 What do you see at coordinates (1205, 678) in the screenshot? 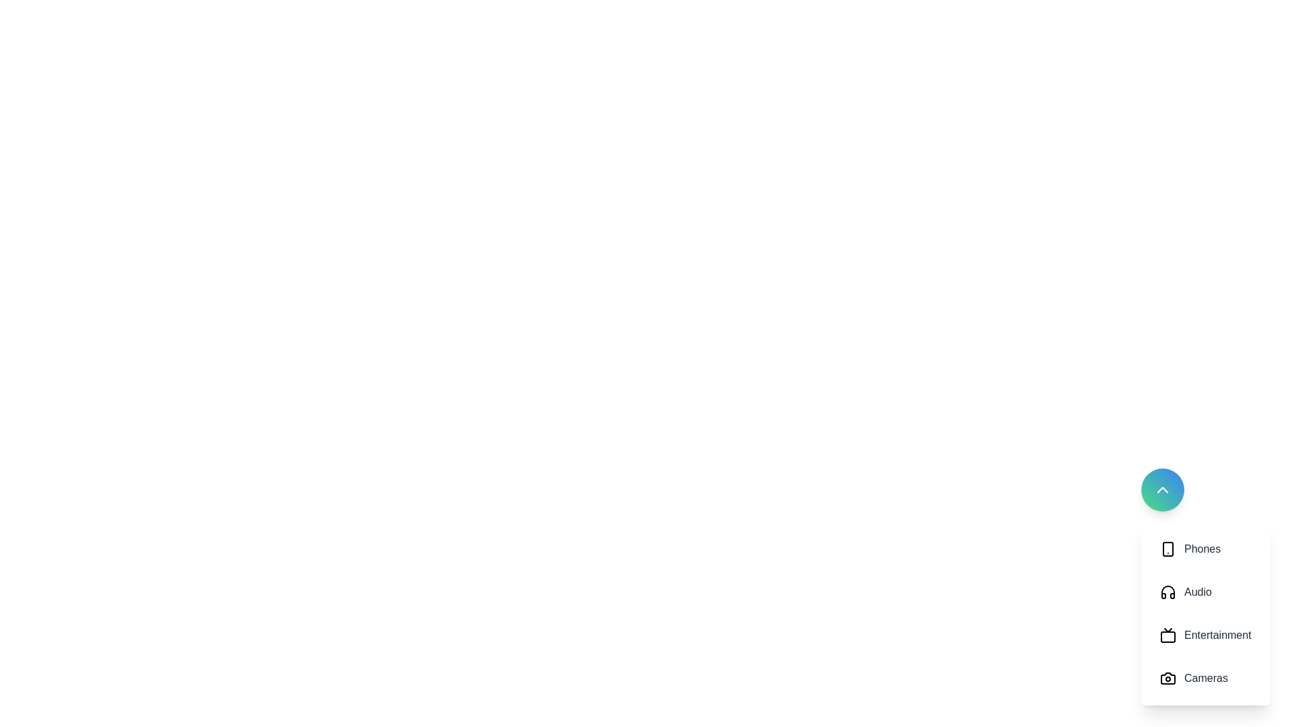
I see `the category button labeled 'Cameras' to observe any visual changes or tooltips` at bounding box center [1205, 678].